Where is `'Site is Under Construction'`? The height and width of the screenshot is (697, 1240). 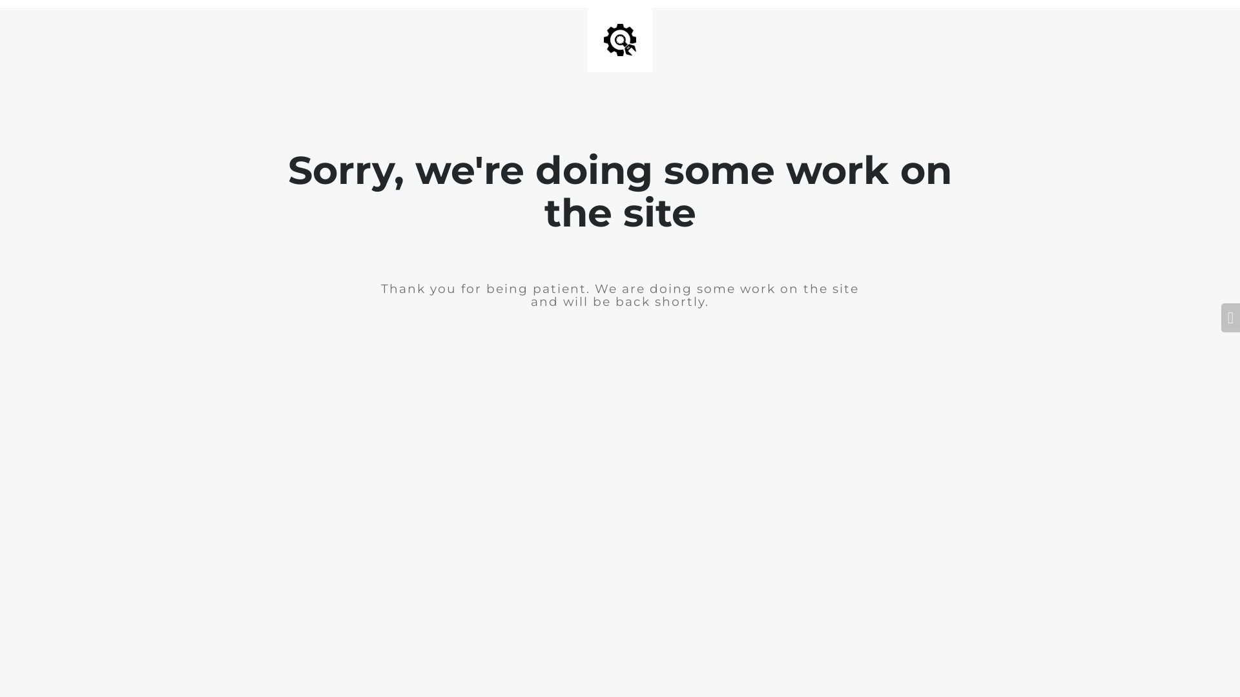 'Site is Under Construction' is located at coordinates (620, 39).